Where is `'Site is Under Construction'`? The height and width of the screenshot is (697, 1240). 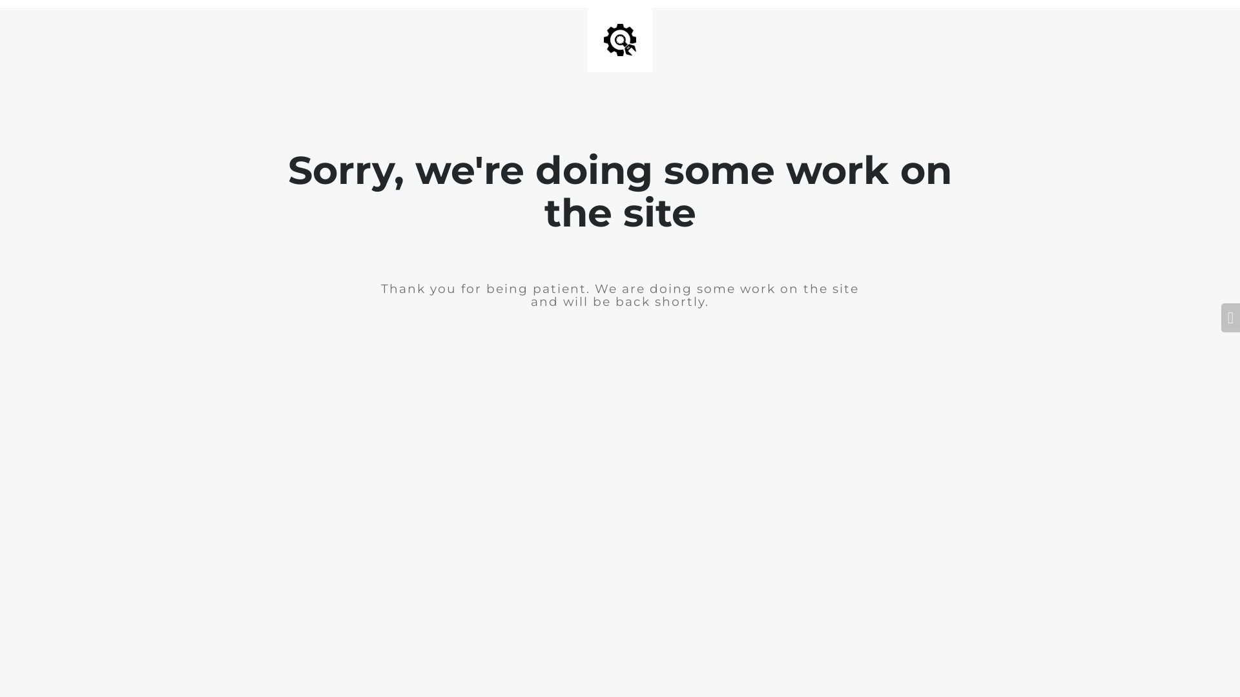 'Site is Under Construction' is located at coordinates (620, 39).